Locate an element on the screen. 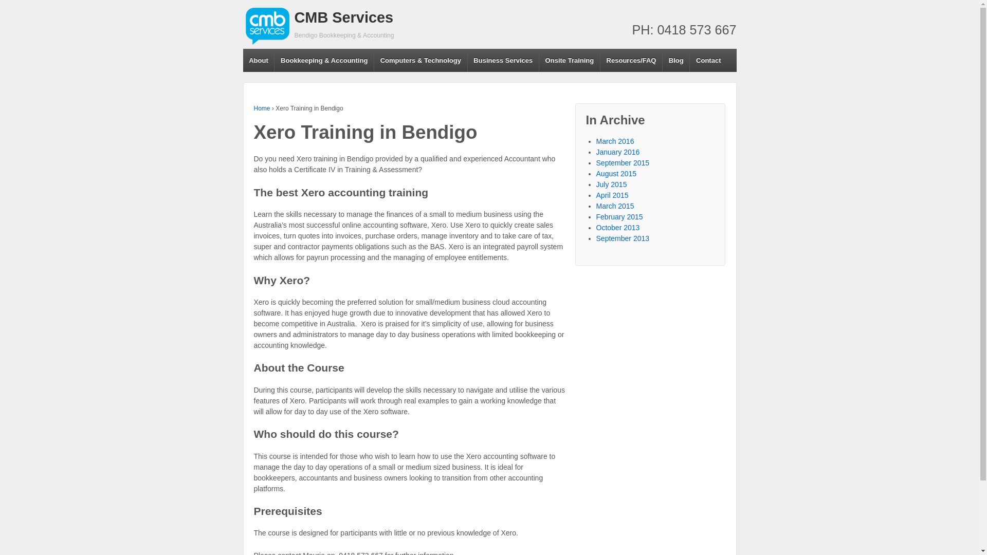  'January 2016' is located at coordinates (617, 152).